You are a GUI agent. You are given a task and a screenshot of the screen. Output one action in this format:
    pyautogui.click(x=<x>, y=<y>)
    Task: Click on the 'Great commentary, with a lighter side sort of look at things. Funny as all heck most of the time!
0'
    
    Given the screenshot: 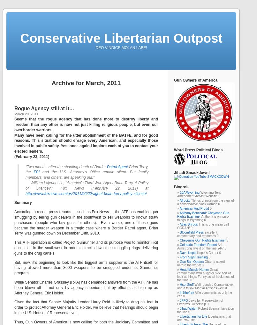 What is the action you would take?
    pyautogui.click(x=205, y=275)
    